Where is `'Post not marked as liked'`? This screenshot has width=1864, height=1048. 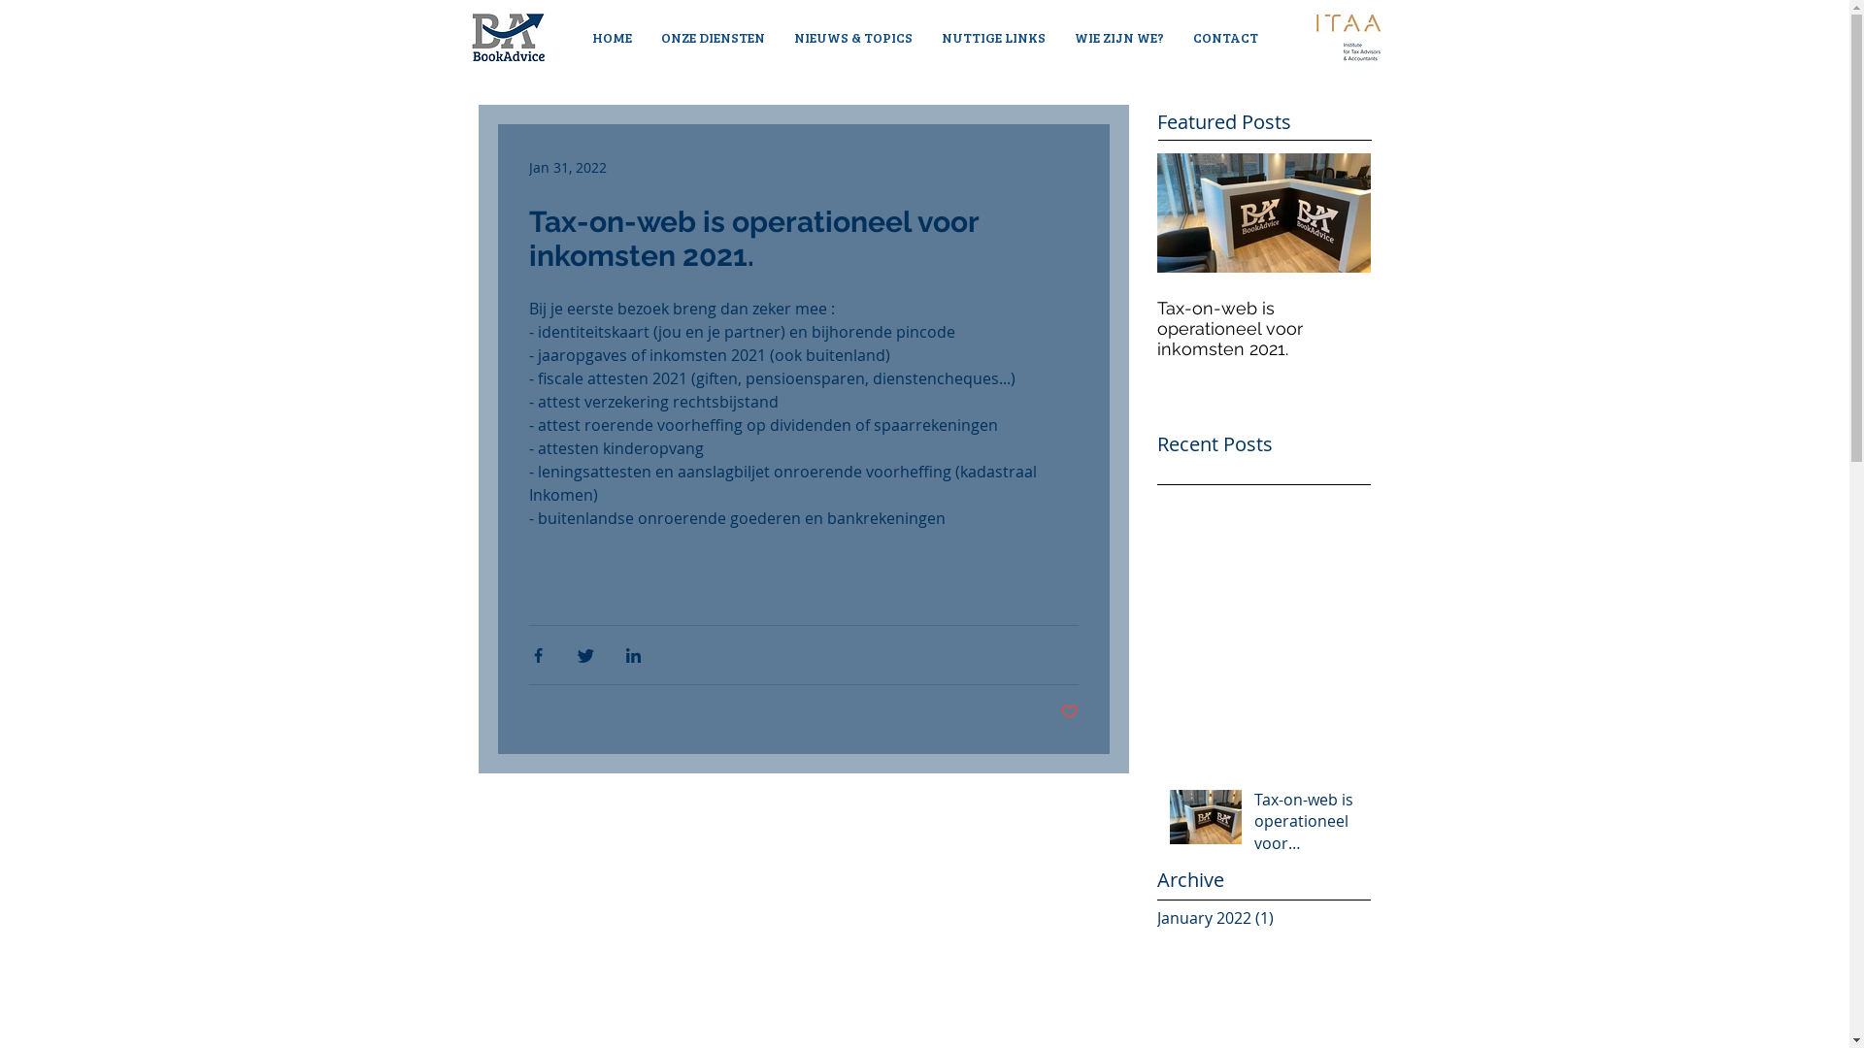
'Post not marked as liked' is located at coordinates (1068, 712).